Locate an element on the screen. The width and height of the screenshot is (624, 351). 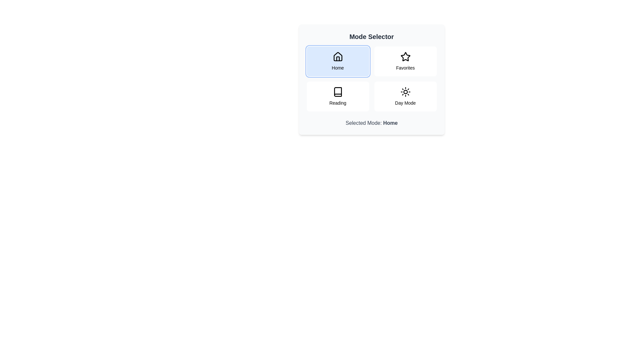
the button corresponding to the mode Home is located at coordinates (338, 61).